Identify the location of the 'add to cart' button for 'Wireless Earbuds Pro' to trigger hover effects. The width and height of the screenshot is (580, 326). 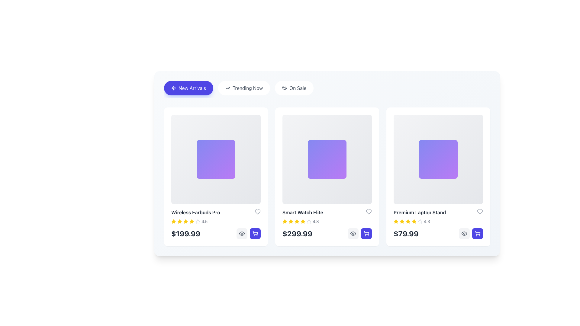
(255, 233).